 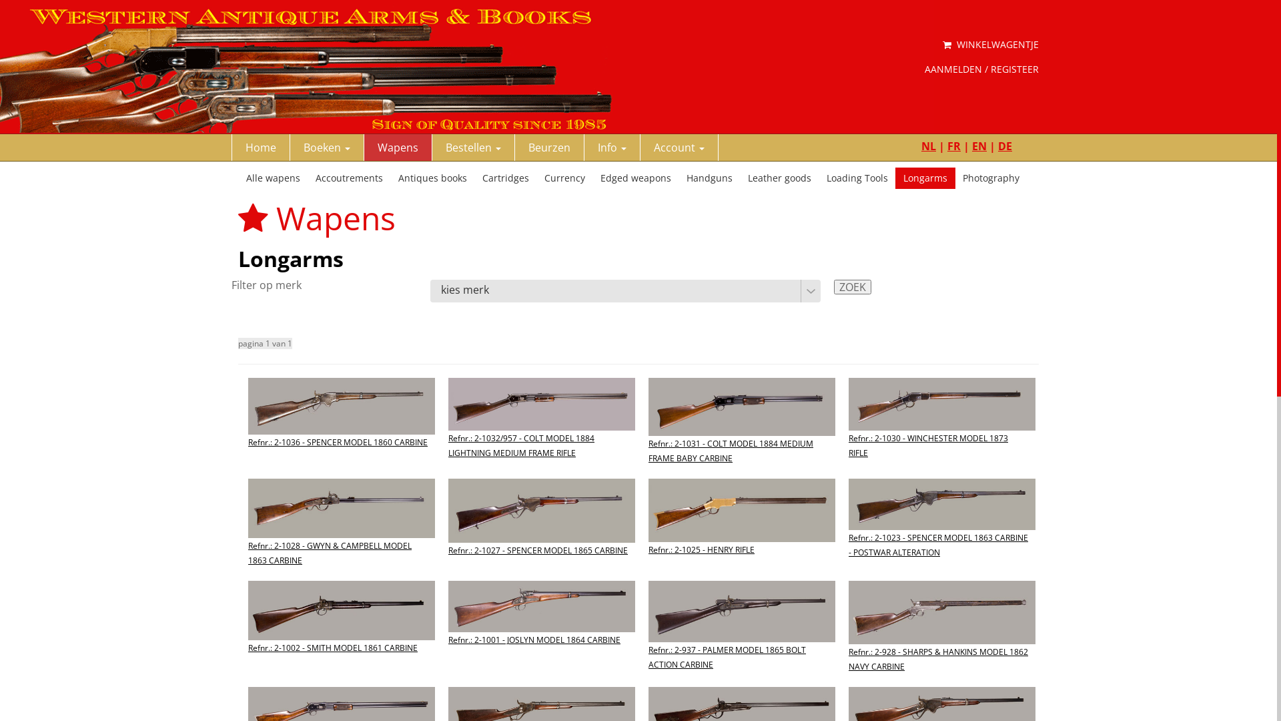 I want to click on 'Longarms', so click(x=925, y=177).